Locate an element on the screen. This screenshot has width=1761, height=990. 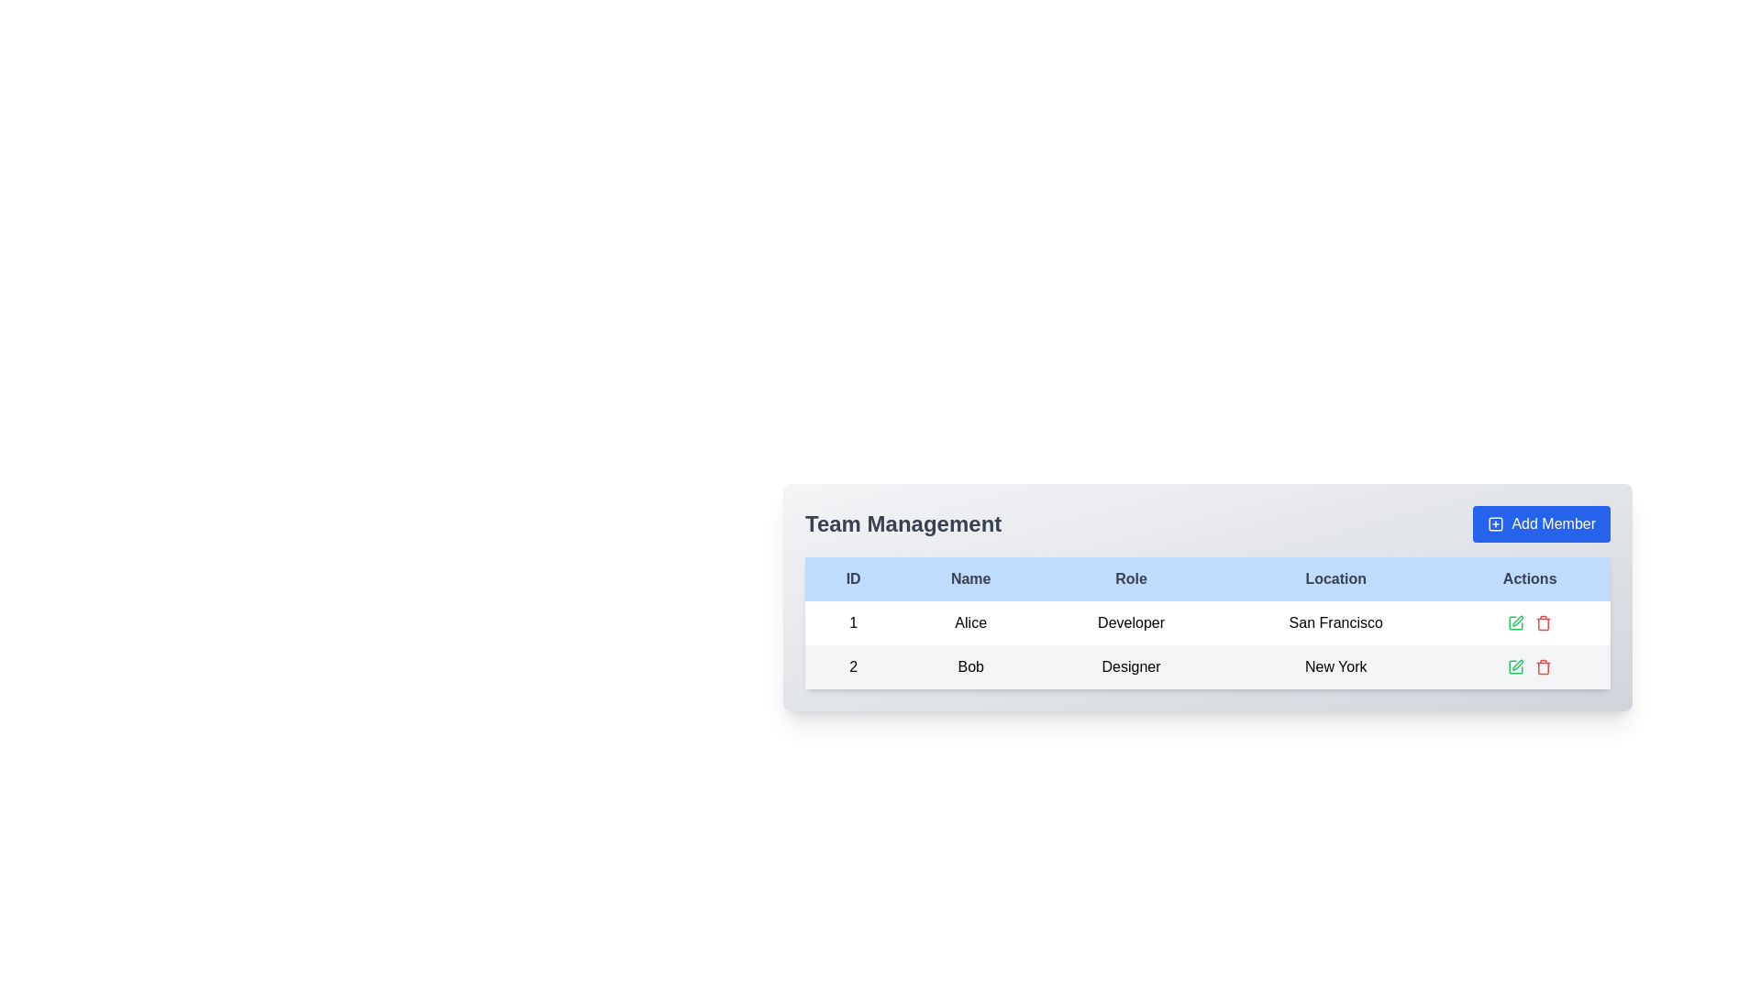
the green pencil icon in the second row of the Actions column to invoke the edit action is located at coordinates (1516, 667).